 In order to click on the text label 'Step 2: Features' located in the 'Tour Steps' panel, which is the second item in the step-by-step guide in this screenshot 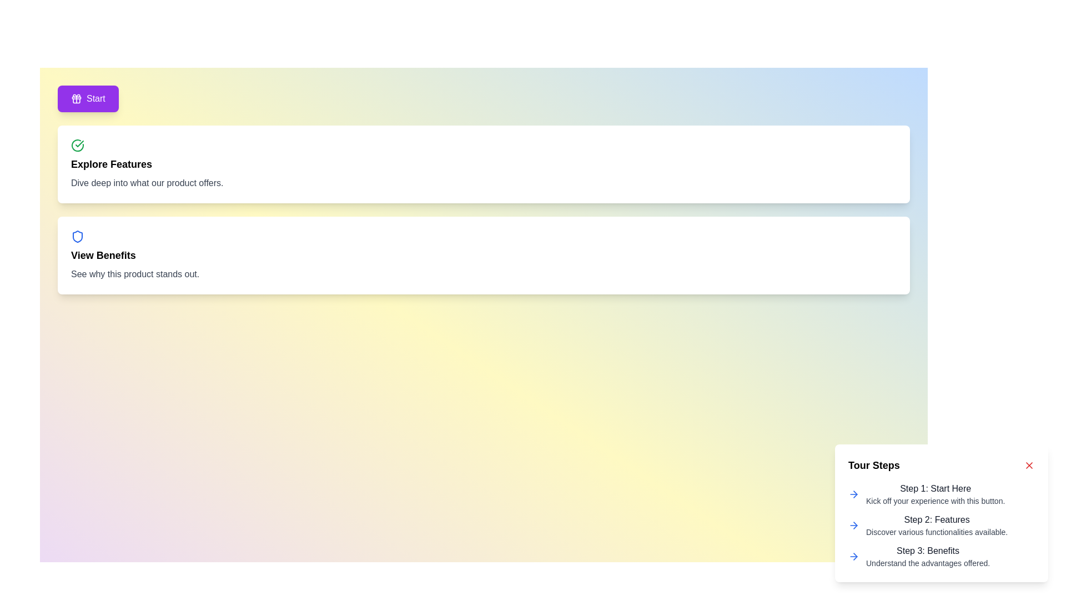, I will do `click(936, 520)`.